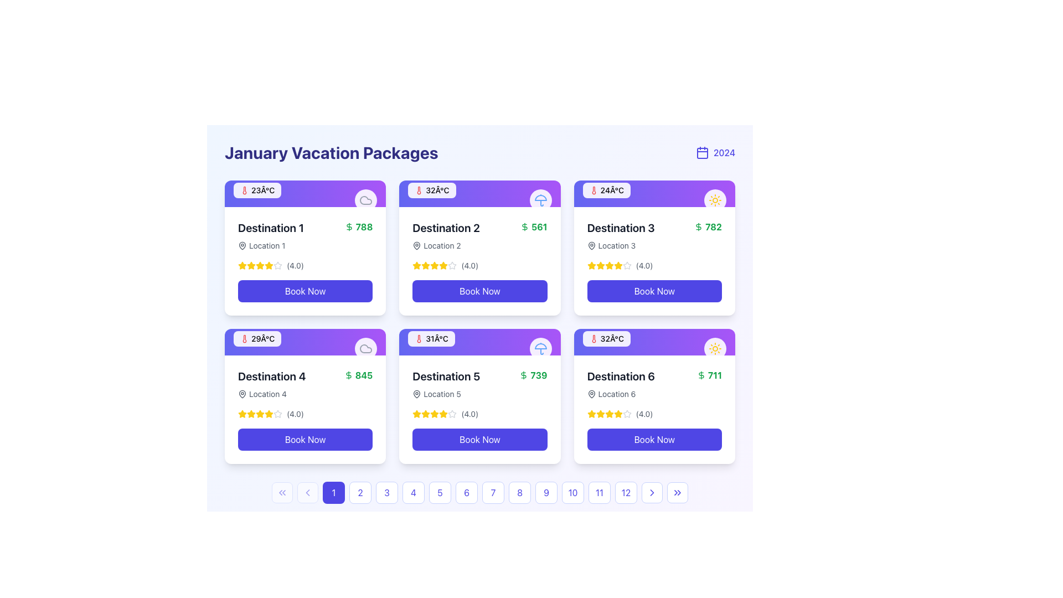  What do you see at coordinates (652, 492) in the screenshot?
I see `the pagination navigation button located to the right of the button labeled '12'` at bounding box center [652, 492].